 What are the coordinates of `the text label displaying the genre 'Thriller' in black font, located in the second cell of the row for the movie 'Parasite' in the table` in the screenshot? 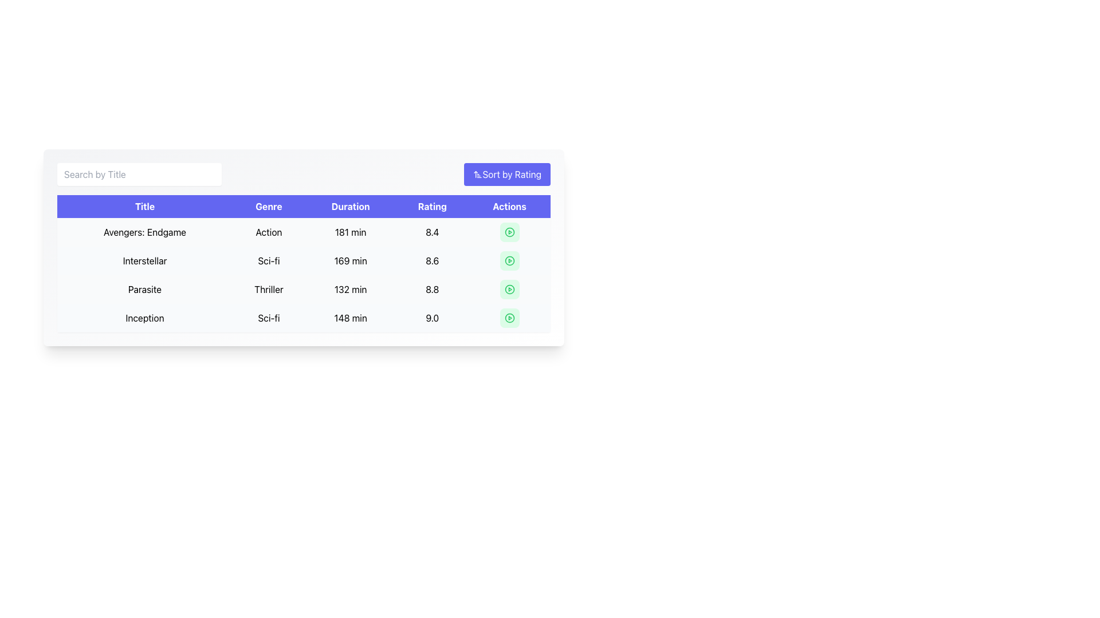 It's located at (268, 288).